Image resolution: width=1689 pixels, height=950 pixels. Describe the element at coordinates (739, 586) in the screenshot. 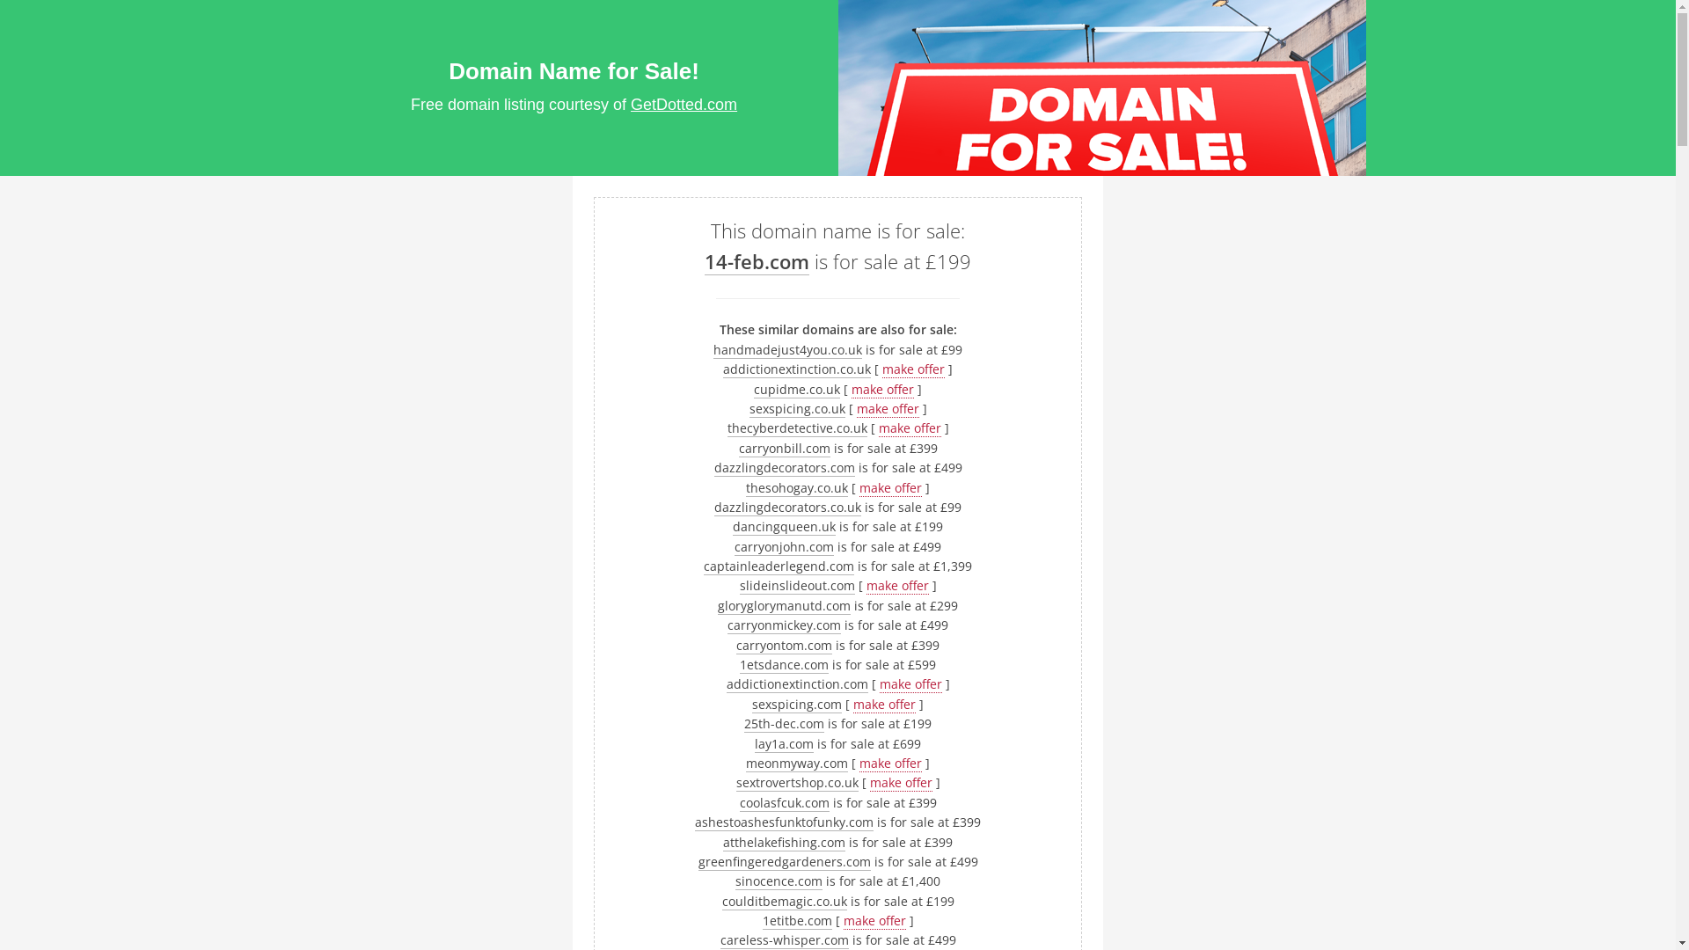

I see `'slideinslideout.com'` at that location.